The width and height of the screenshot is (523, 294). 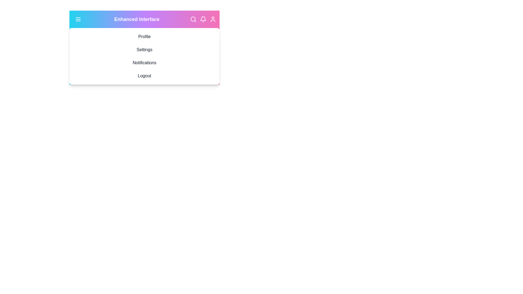 I want to click on the dropdown menu option Notifications by clicking it, so click(x=144, y=63).